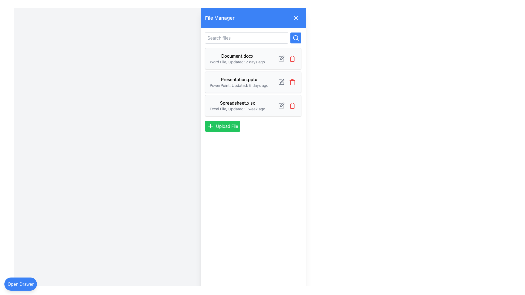 The height and width of the screenshot is (295, 525). I want to click on the blue button with rounded corners featuring a white magnifying glass icon, so click(295, 37).